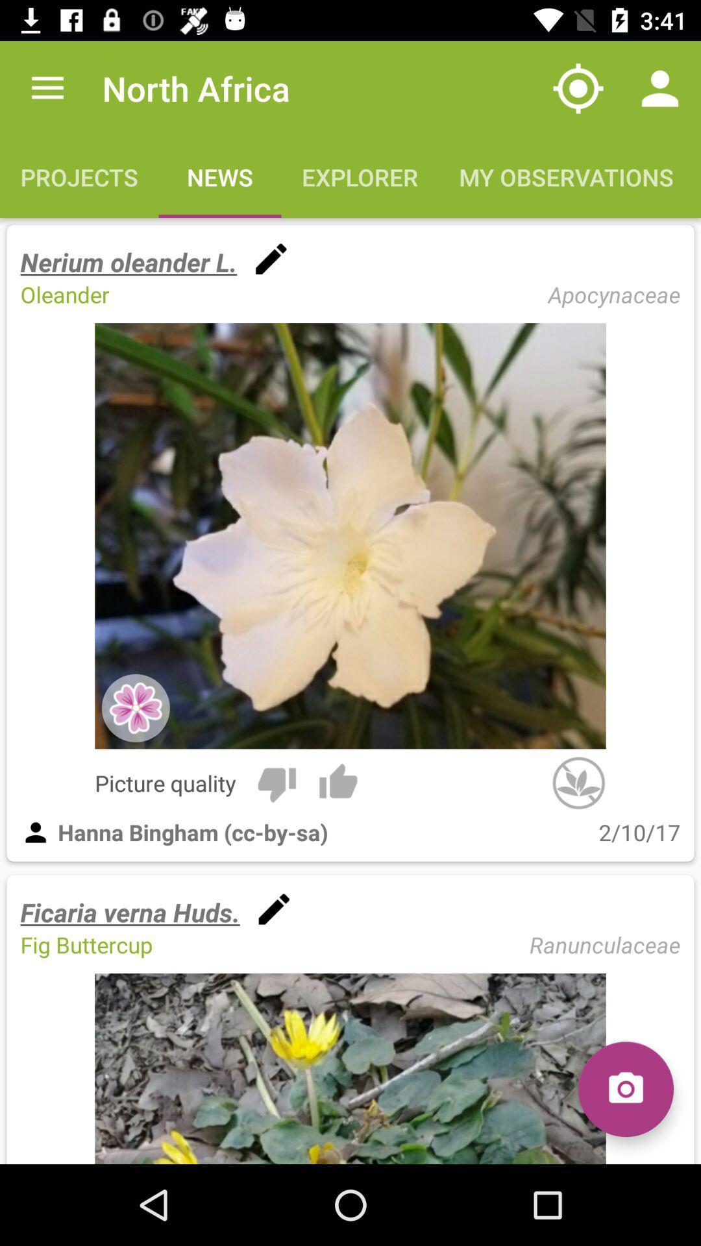 Image resolution: width=701 pixels, height=1246 pixels. What do you see at coordinates (47, 88) in the screenshot?
I see `app next to north africa icon` at bounding box center [47, 88].